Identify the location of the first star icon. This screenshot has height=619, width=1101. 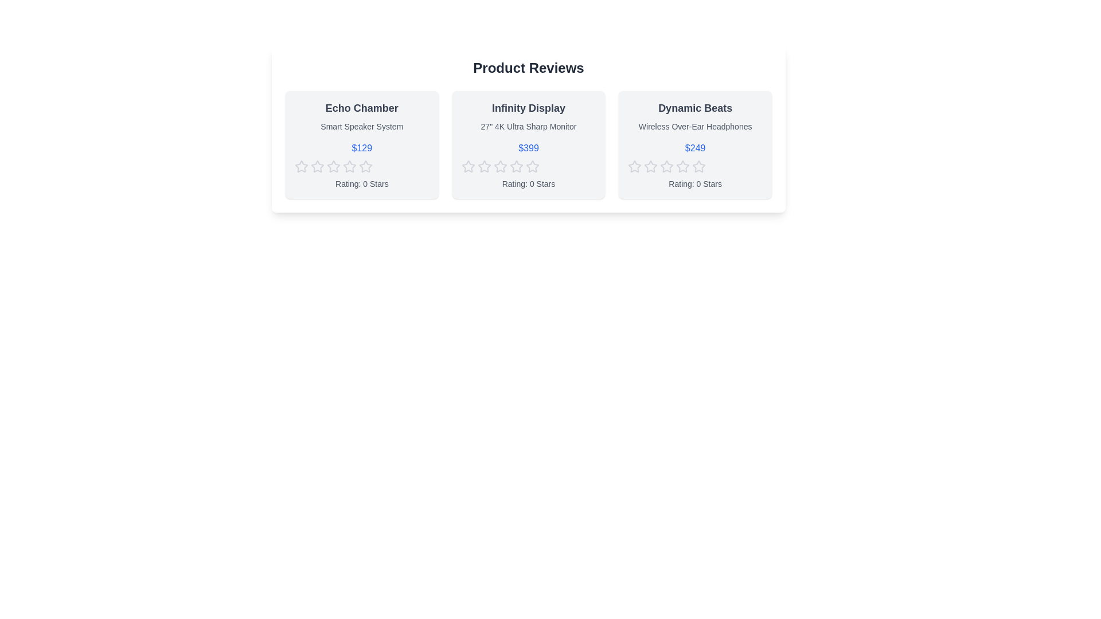
(651, 166).